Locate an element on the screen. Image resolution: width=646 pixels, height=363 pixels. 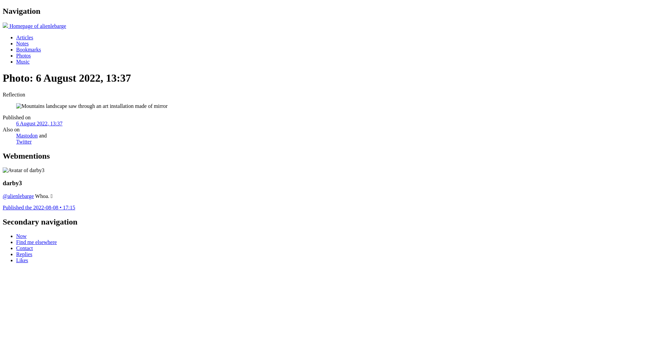
'Twitter' is located at coordinates (24, 141).